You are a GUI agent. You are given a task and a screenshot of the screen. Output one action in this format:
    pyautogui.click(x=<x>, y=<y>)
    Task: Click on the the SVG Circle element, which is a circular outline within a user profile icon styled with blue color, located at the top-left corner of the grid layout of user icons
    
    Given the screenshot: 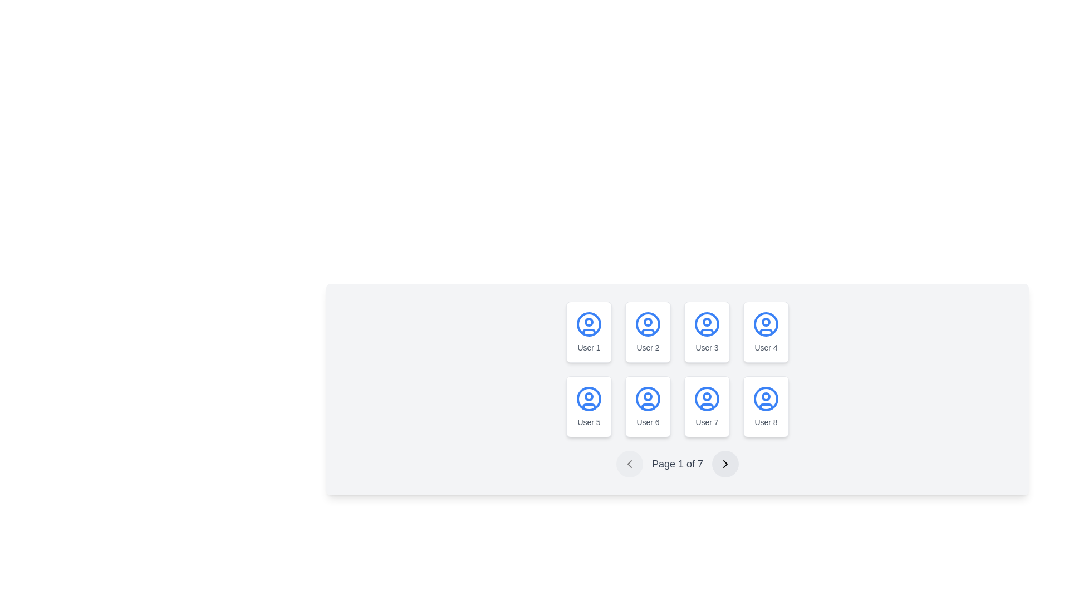 What is the action you would take?
    pyautogui.click(x=588, y=324)
    